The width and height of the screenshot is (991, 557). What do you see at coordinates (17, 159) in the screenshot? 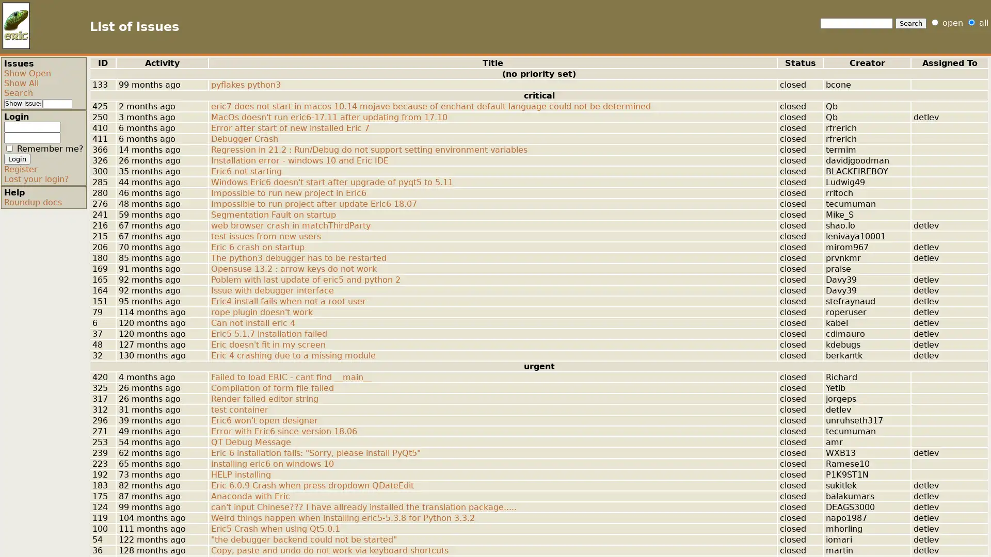
I see `Login` at bounding box center [17, 159].